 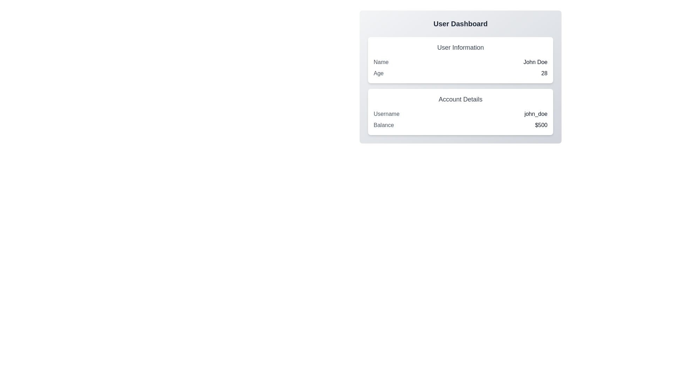 What do you see at coordinates (461, 23) in the screenshot?
I see `the header text element located at the top center of the user dashboard interface` at bounding box center [461, 23].